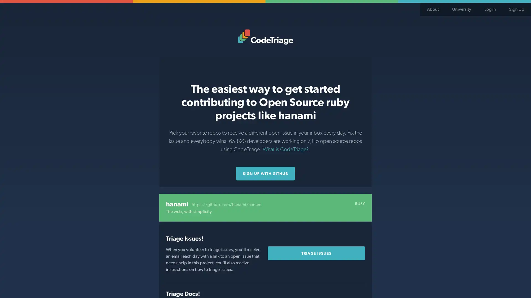 This screenshot has width=531, height=298. Describe the element at coordinates (316, 253) in the screenshot. I see `Triage Issues` at that location.